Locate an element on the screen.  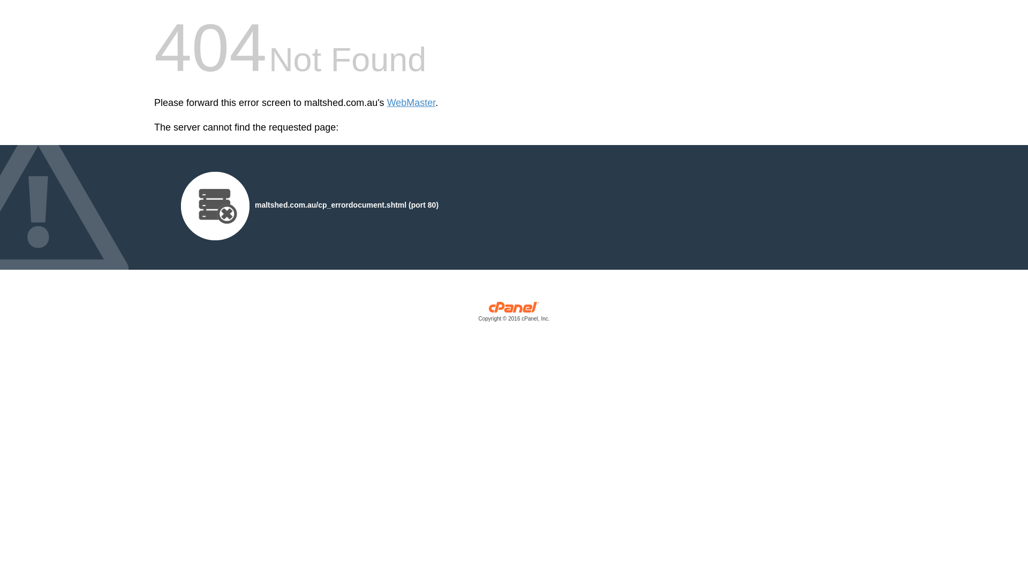
'WebMaster' is located at coordinates (387, 103).